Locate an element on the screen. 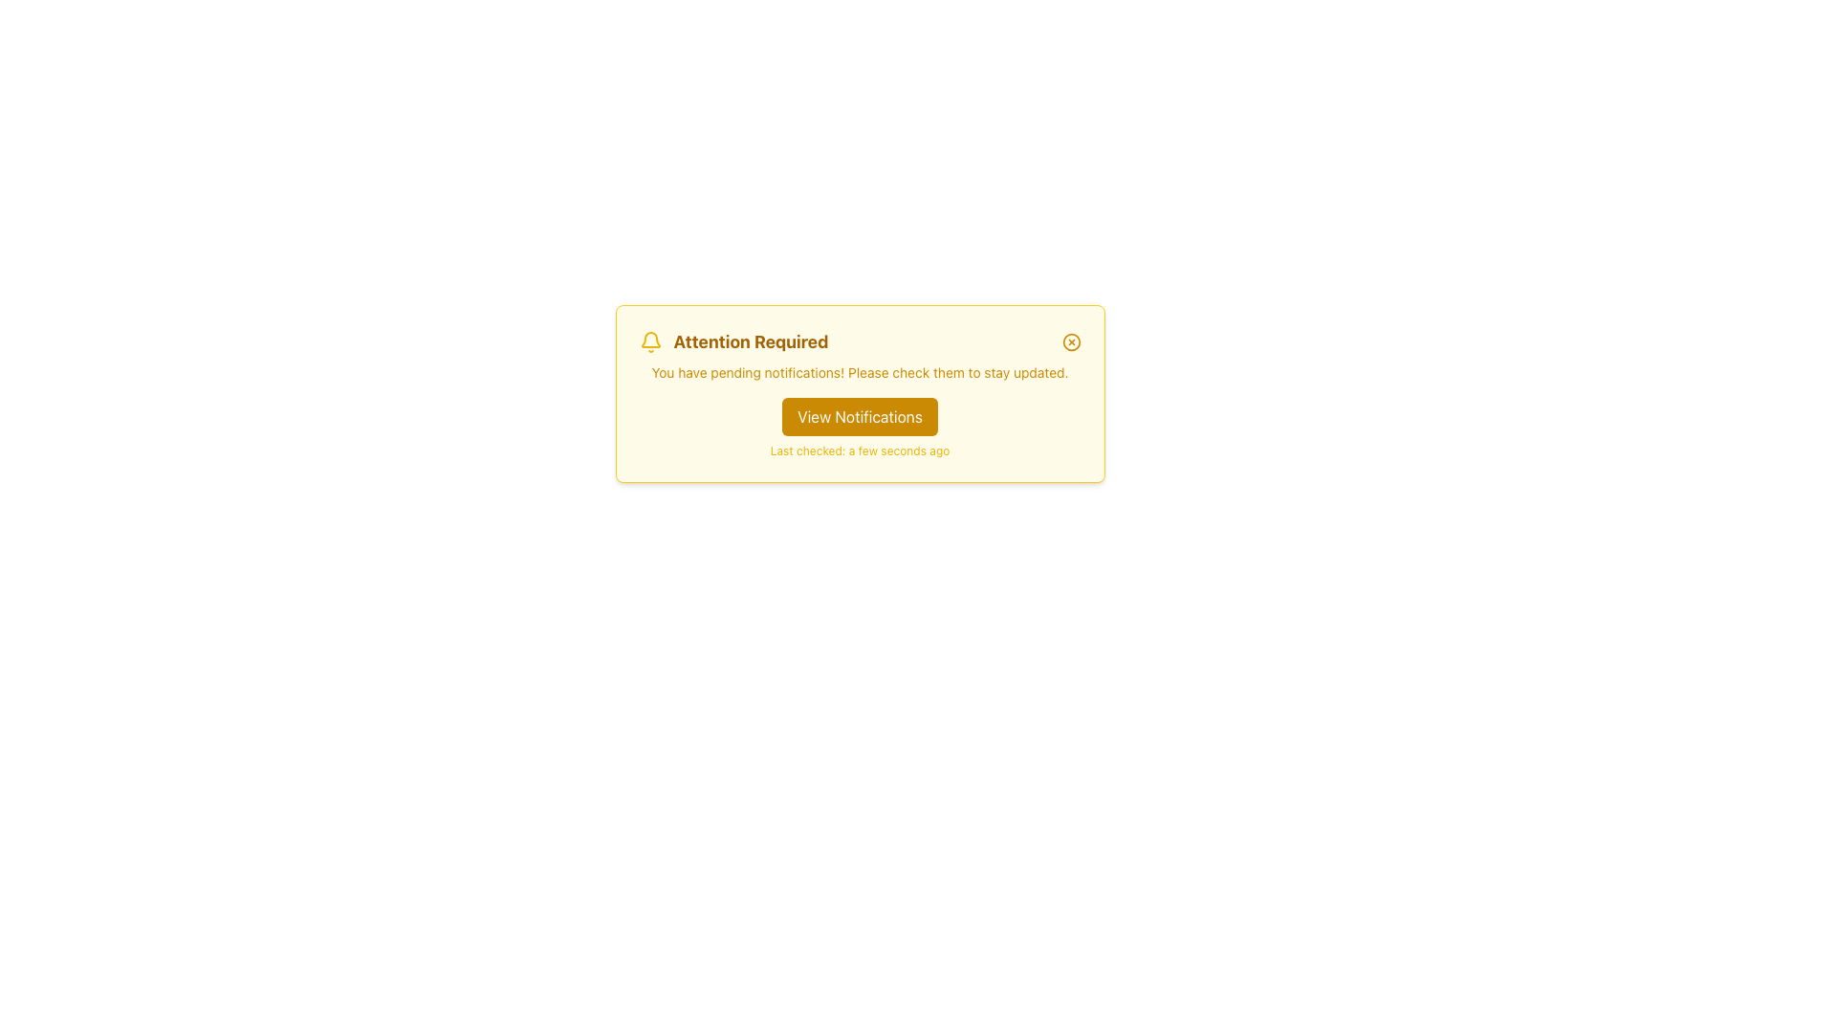  the non-interactive text label displaying 'Last checked: a few seconds ago' at the bottom of the 'Attention Required' notification box is located at coordinates (859, 451).